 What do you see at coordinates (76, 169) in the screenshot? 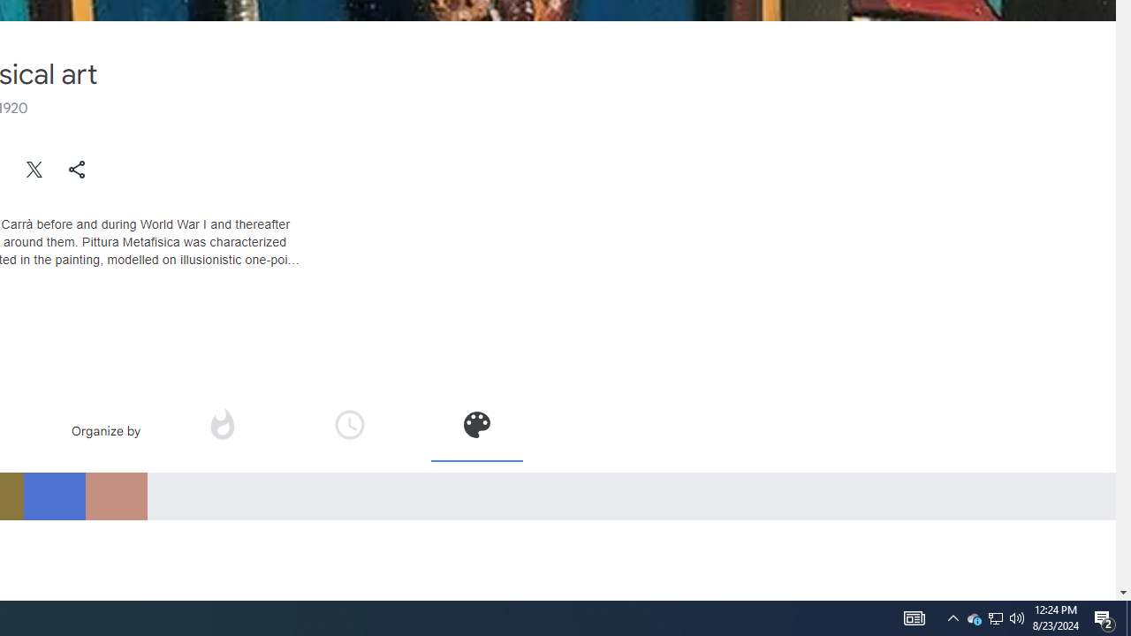
I see `'Share "Metaphysical art"'` at bounding box center [76, 169].